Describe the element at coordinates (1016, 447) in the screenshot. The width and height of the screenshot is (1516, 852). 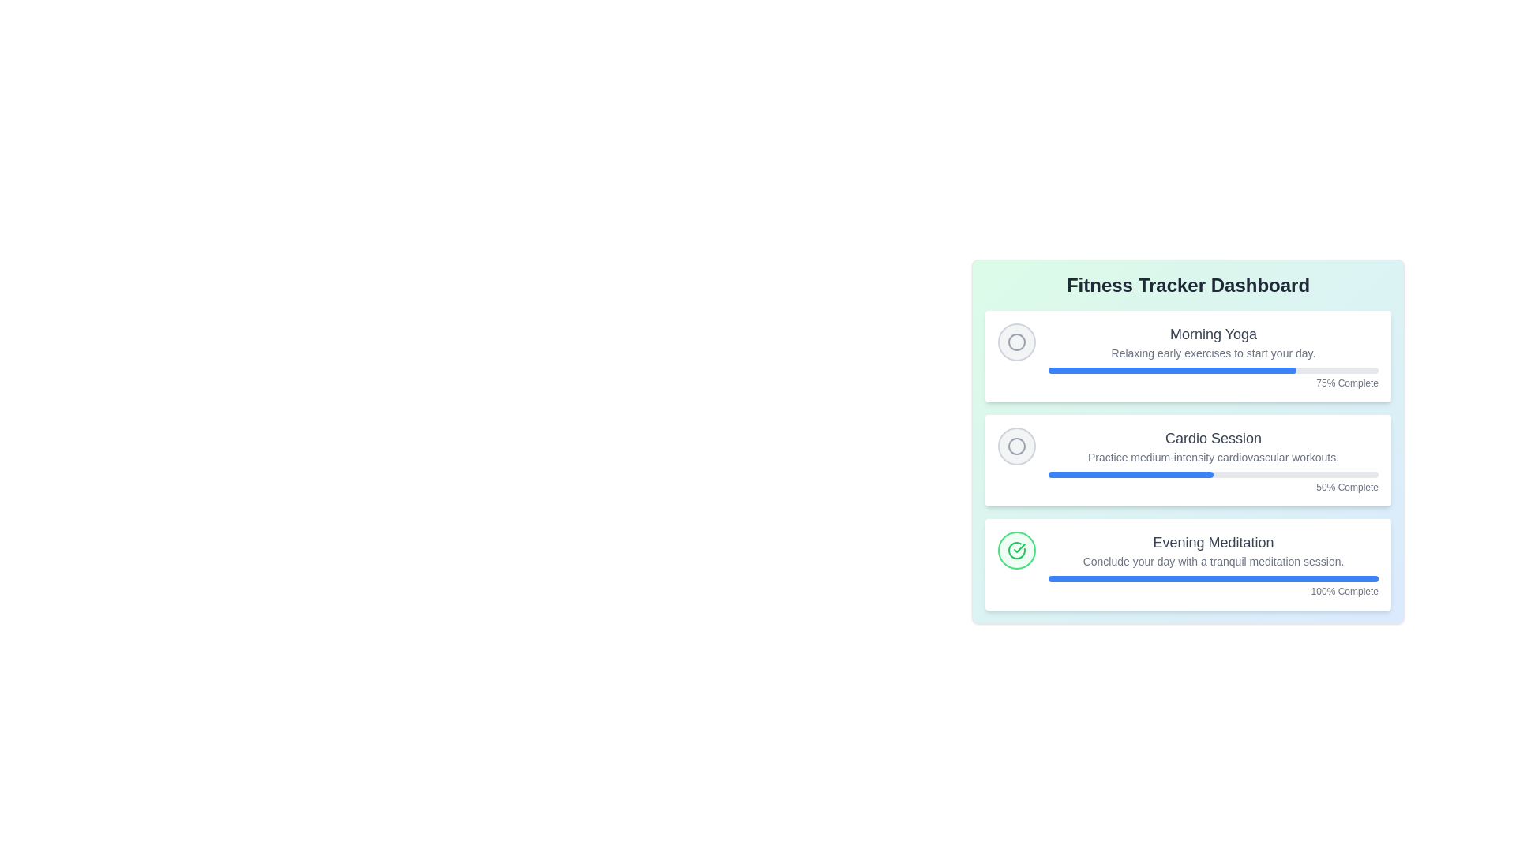
I see `the SVG graphics circle element located centrally within the 'Cardio Session' section of the fitness tracker dashboard interface, which serves as a visual indicator for completion status` at that location.